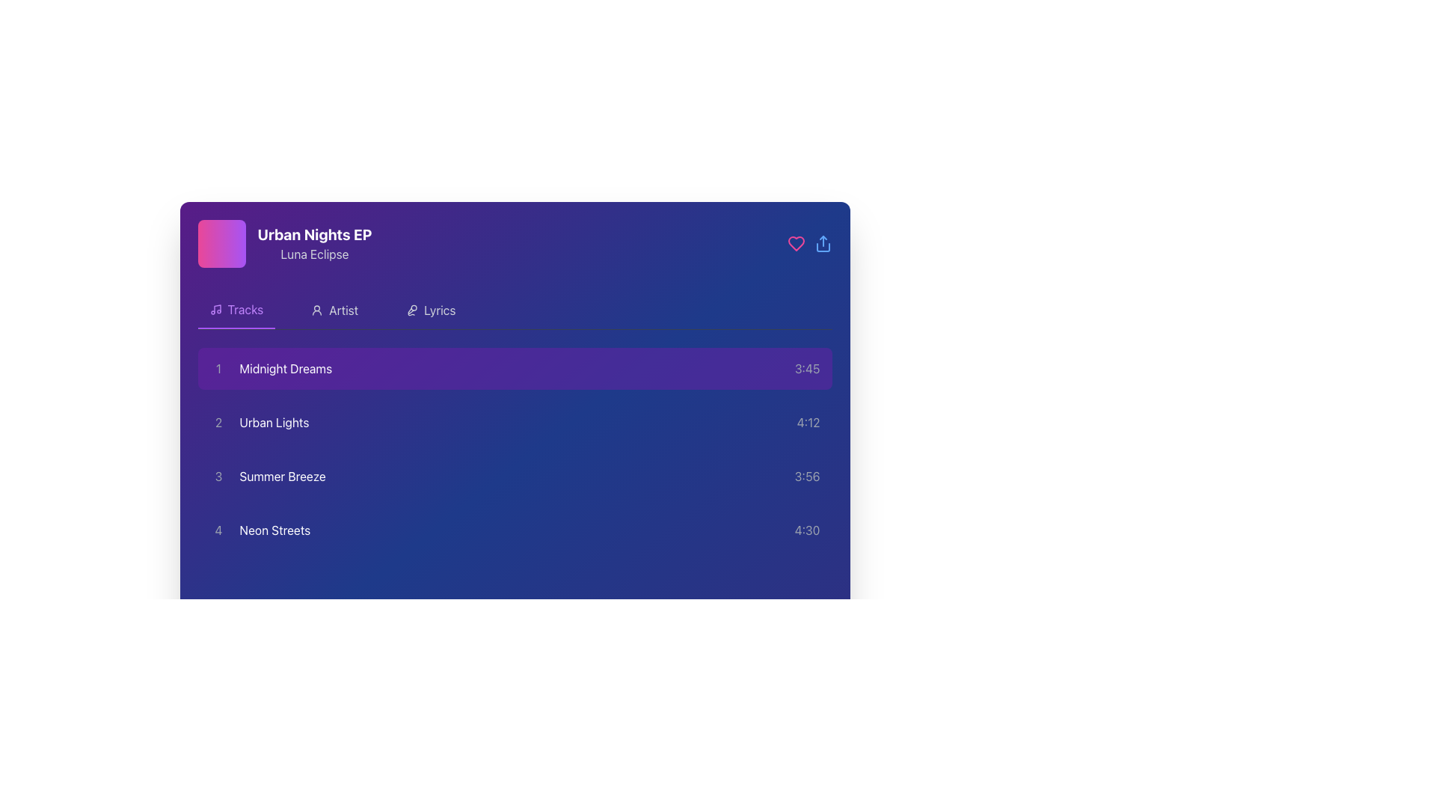 This screenshot has height=808, width=1436. Describe the element at coordinates (806, 530) in the screenshot. I see `the text label displaying '4:30' located on the right side of the row for 'Neon Streets' in the playlist interface` at that location.